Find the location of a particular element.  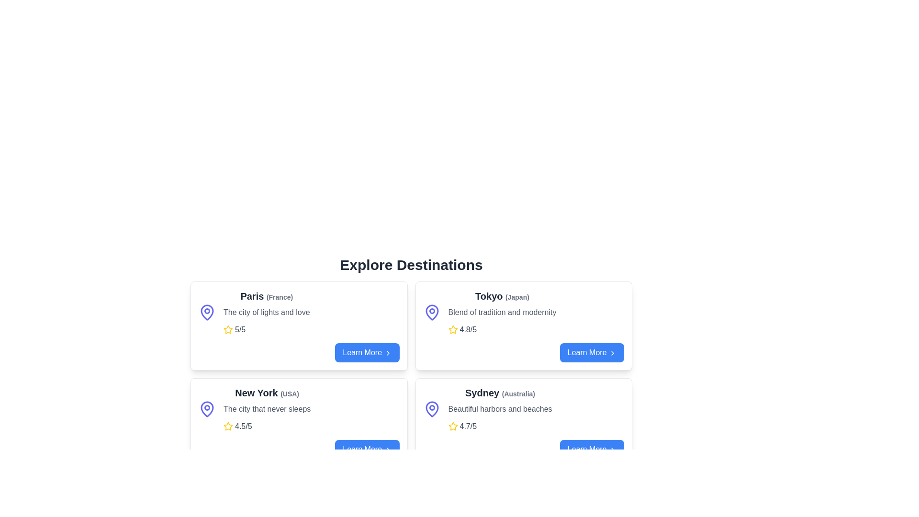

the button located at the bottom-right corner of the card for Sydney (Australia) to trigger a hover state is located at coordinates (523, 449).